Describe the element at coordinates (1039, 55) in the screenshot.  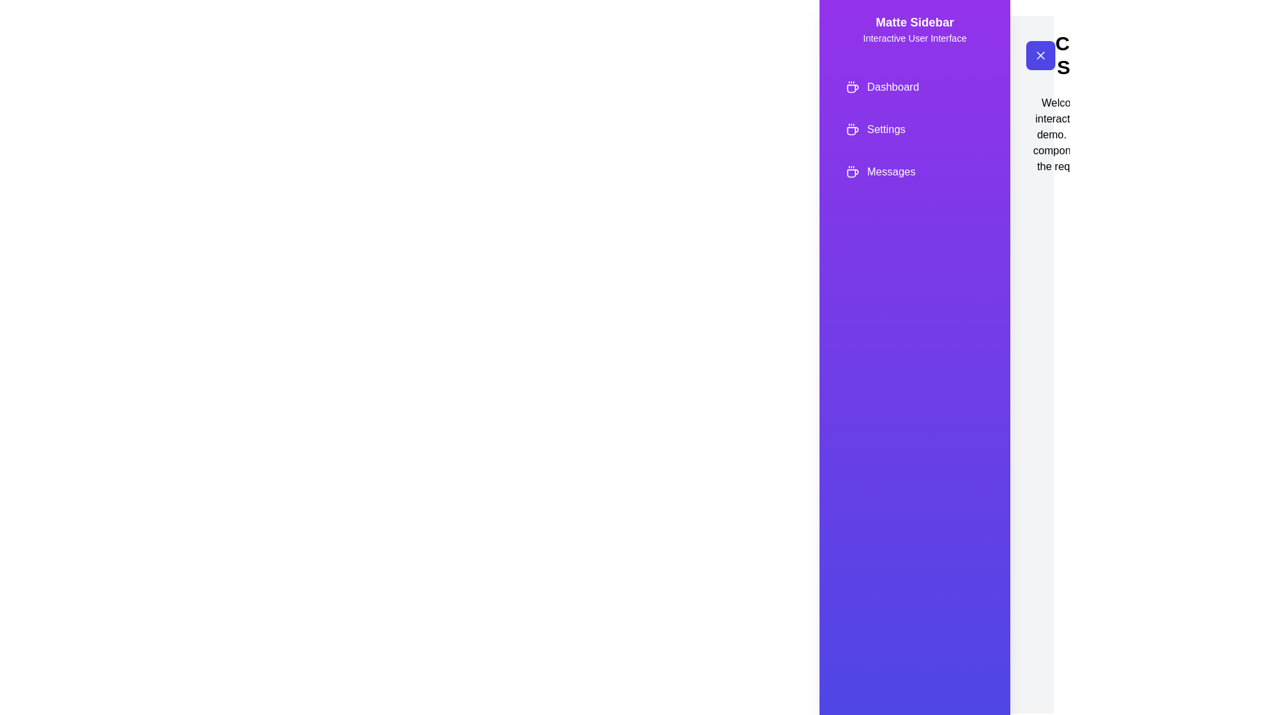
I see `the diagonal line within the square-shaped icon located at the top-right section of the interface` at that location.